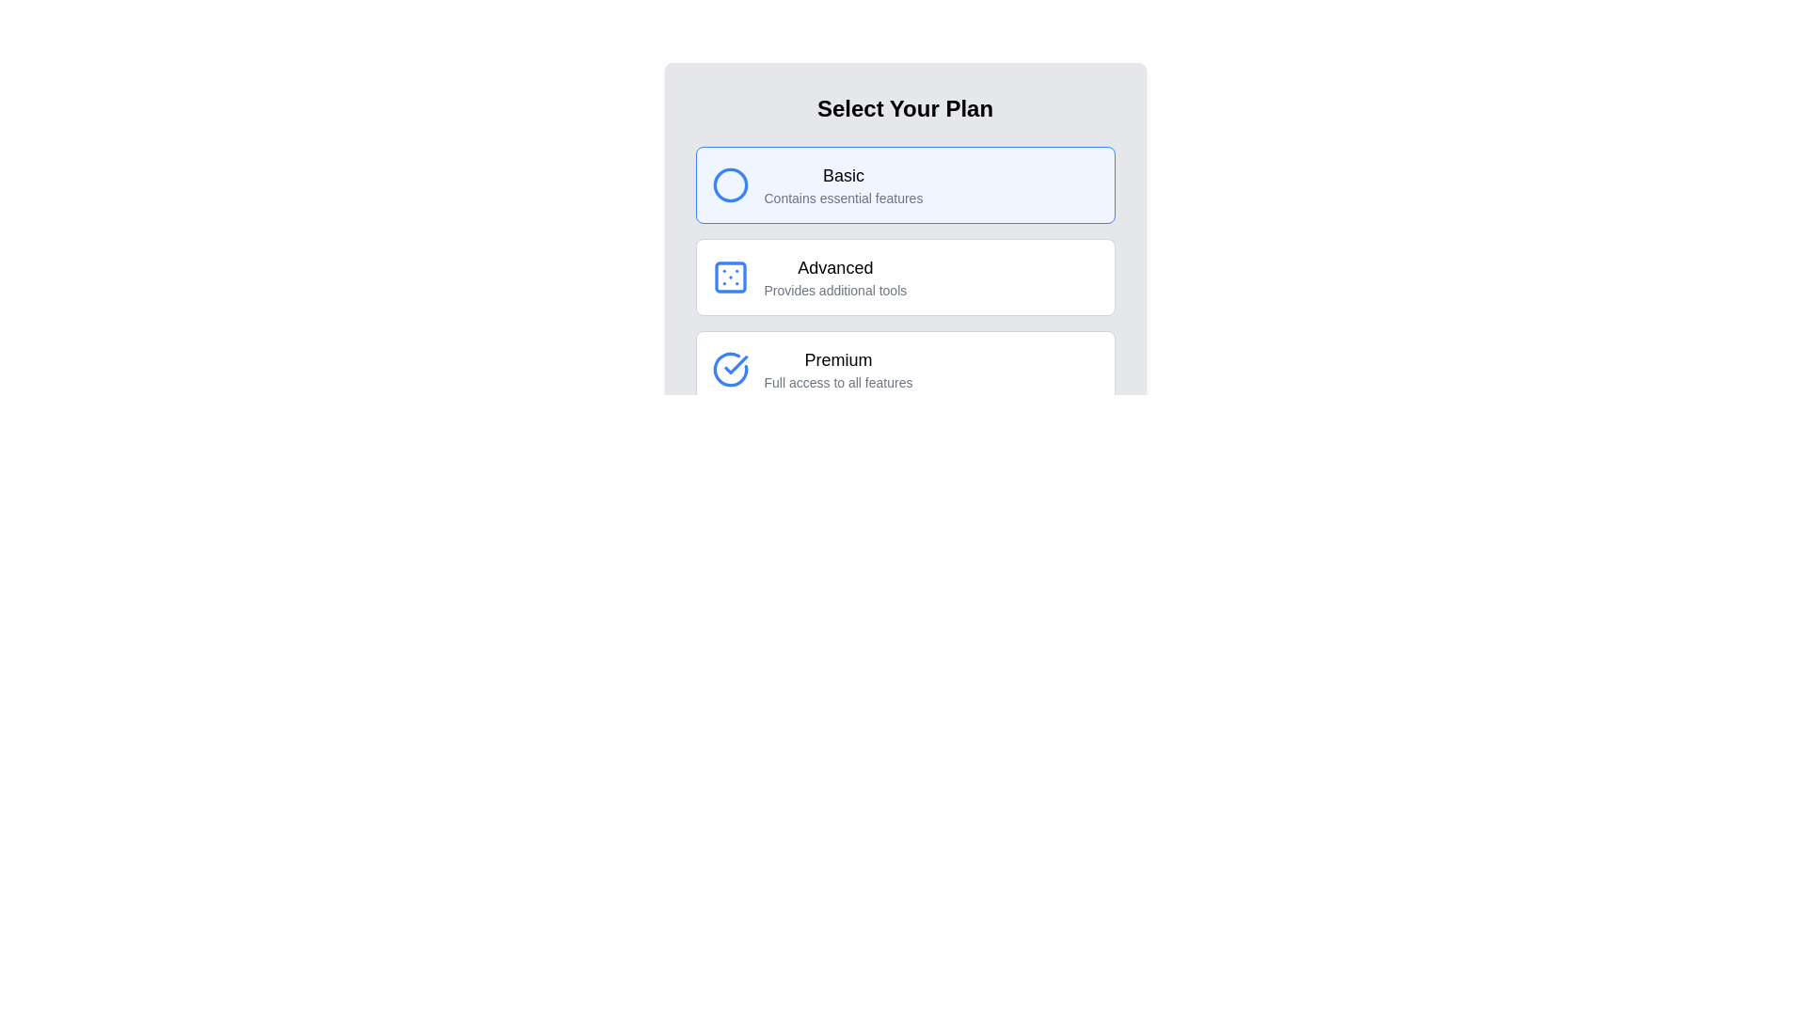  I want to click on the 'Basic' selectable button, which has a light blue background, rounded corners, and contains the title 'Basic' and subtext 'Contains essential features.', so click(905, 184).